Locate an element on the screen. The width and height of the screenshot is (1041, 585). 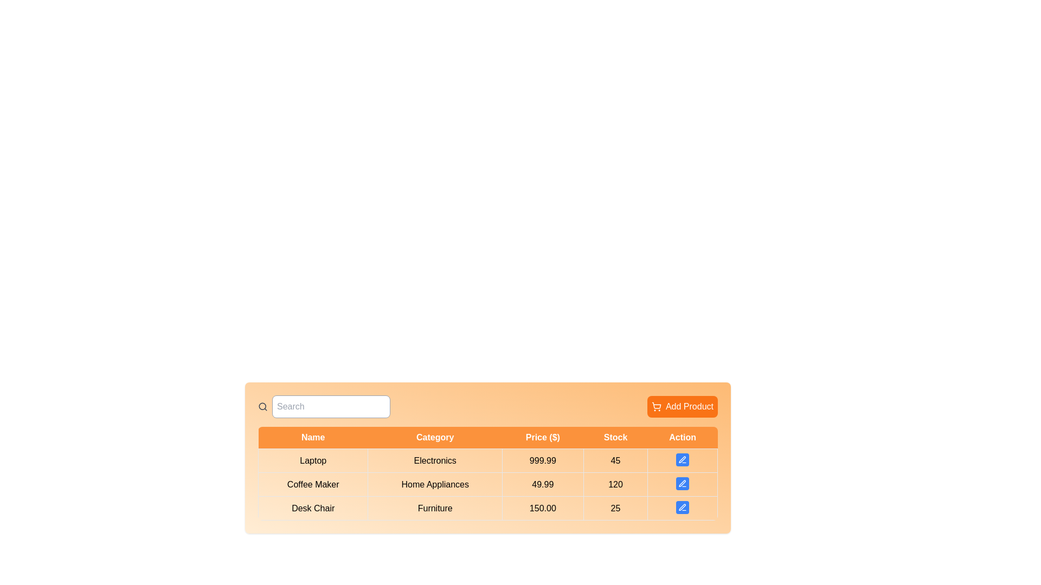
the pen-shaped edit icon located in the 'Action' column of the first row of the product table is located at coordinates (681, 459).